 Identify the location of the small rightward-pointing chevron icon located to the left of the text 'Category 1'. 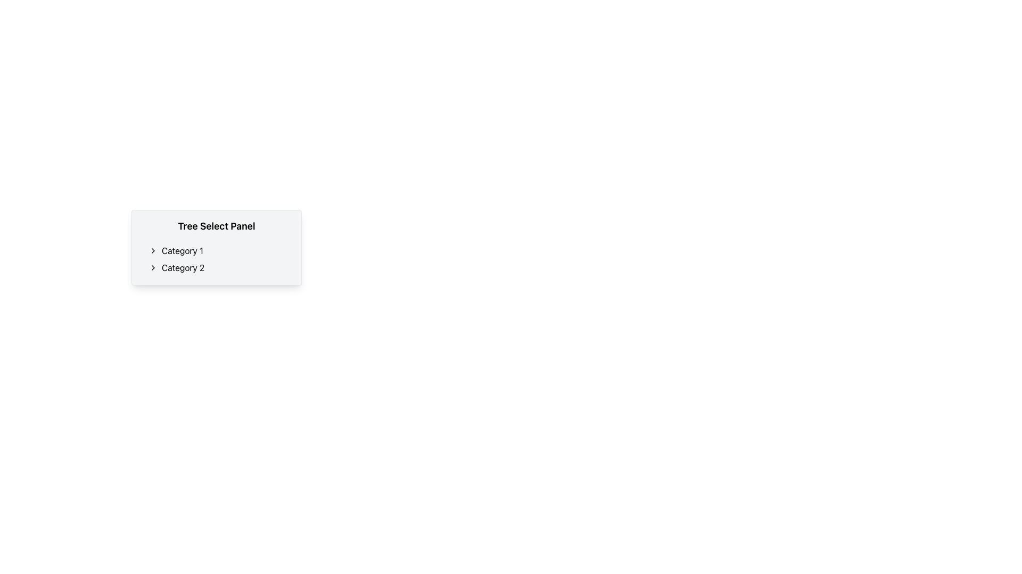
(153, 250).